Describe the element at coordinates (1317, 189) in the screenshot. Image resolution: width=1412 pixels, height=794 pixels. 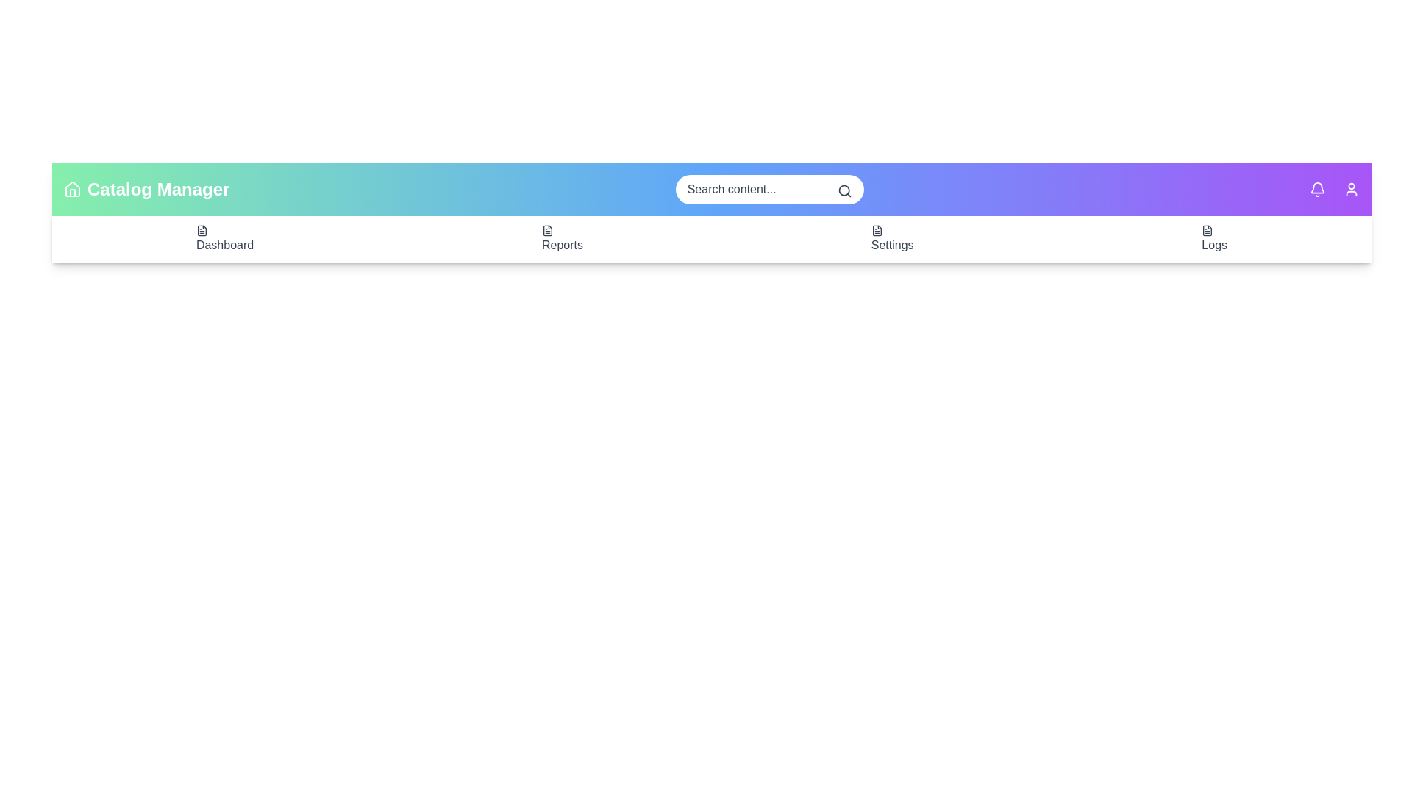
I see `the bell icon to view notifications` at that location.